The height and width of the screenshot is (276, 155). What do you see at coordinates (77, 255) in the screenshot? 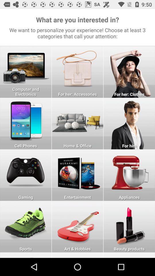
I see `art and hobbies` at bounding box center [77, 255].